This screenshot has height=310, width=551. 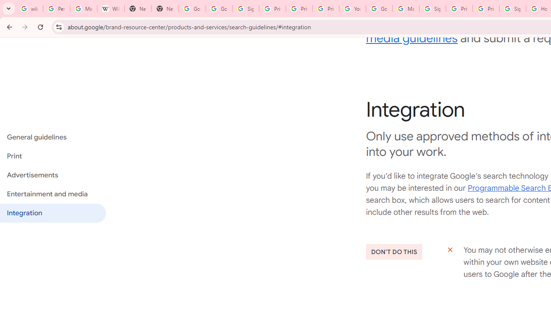 What do you see at coordinates (219, 9) in the screenshot?
I see `'Google Drive: Sign-in'` at bounding box center [219, 9].